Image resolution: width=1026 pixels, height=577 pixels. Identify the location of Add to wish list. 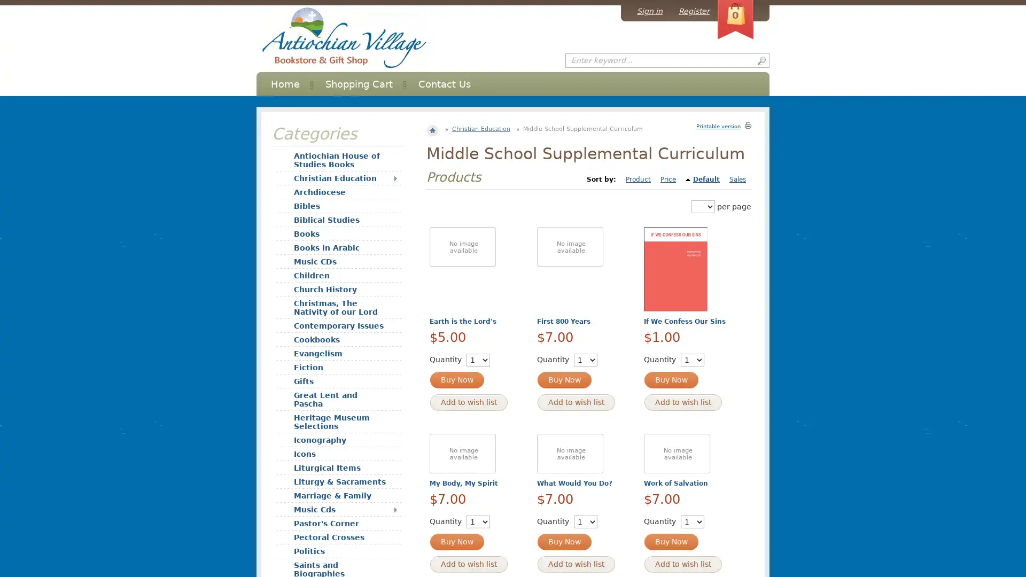
(575, 402).